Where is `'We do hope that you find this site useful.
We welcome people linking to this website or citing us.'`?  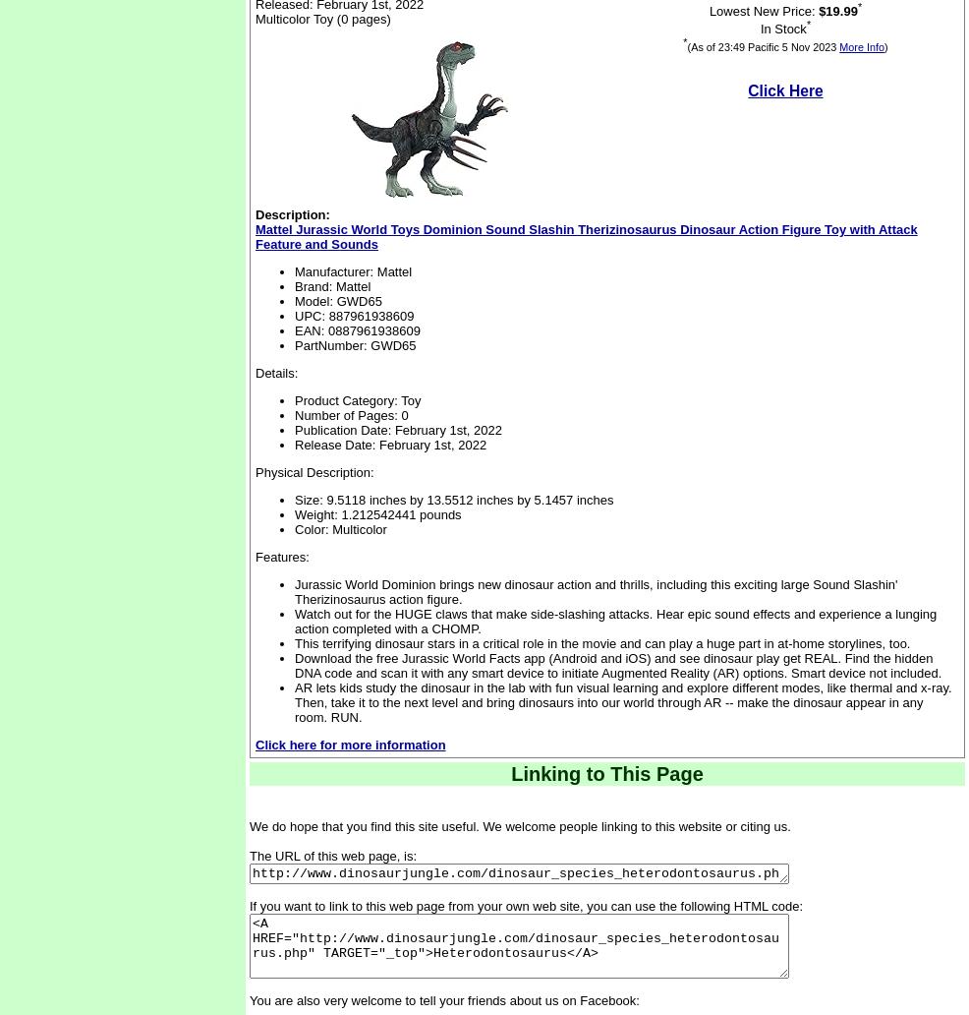 'We do hope that you find this site useful.
We welcome people linking to this website or citing us.' is located at coordinates (518, 826).